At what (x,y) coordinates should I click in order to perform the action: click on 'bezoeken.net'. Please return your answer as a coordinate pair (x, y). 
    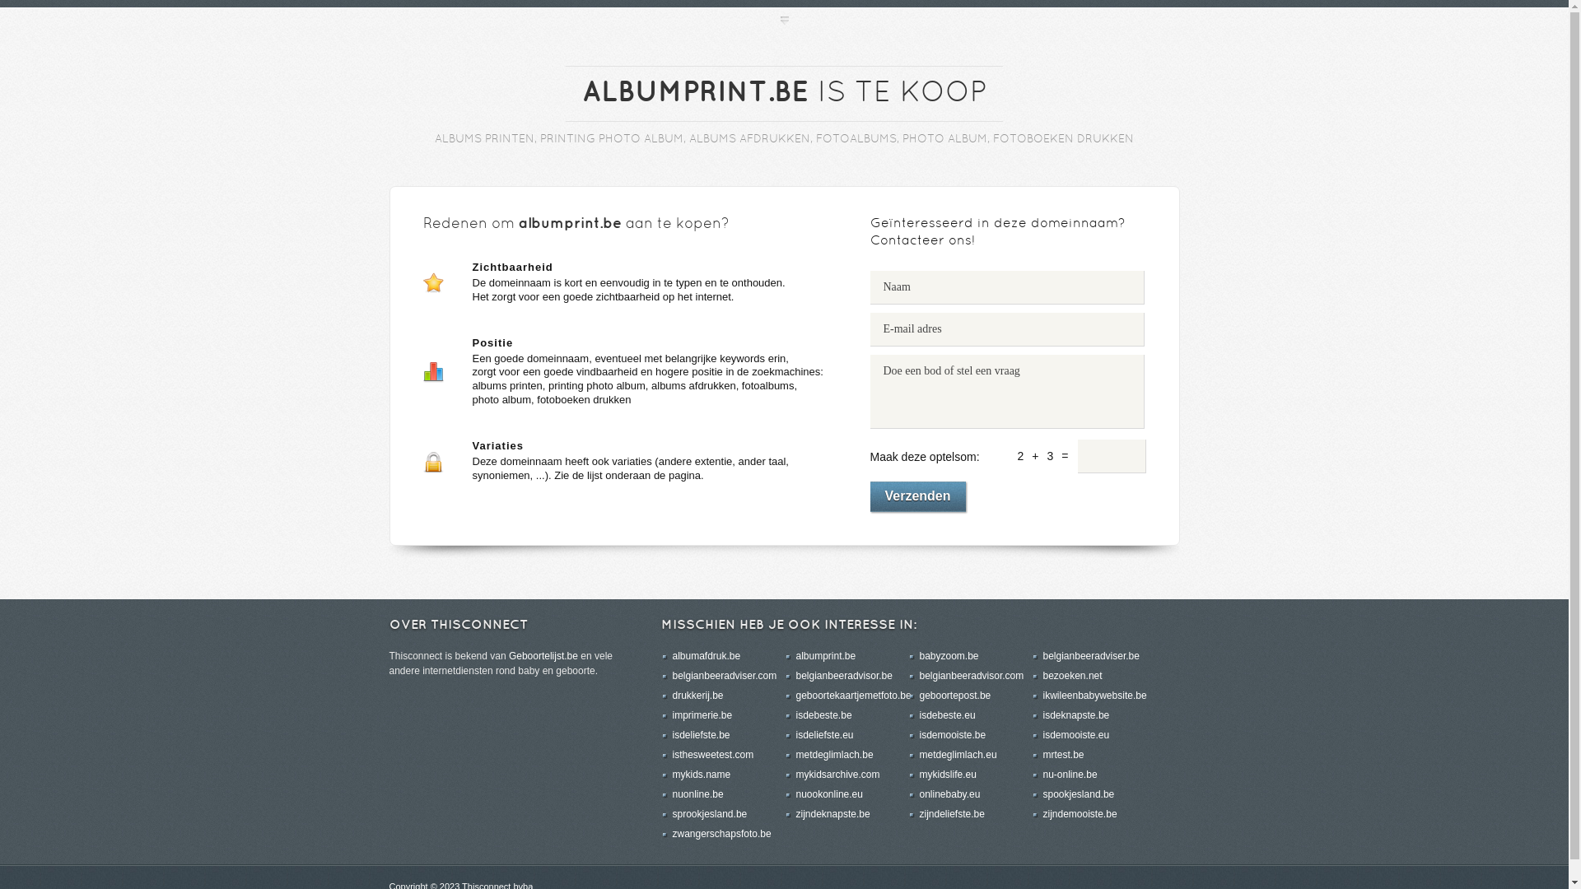
    Looking at the image, I should click on (1071, 676).